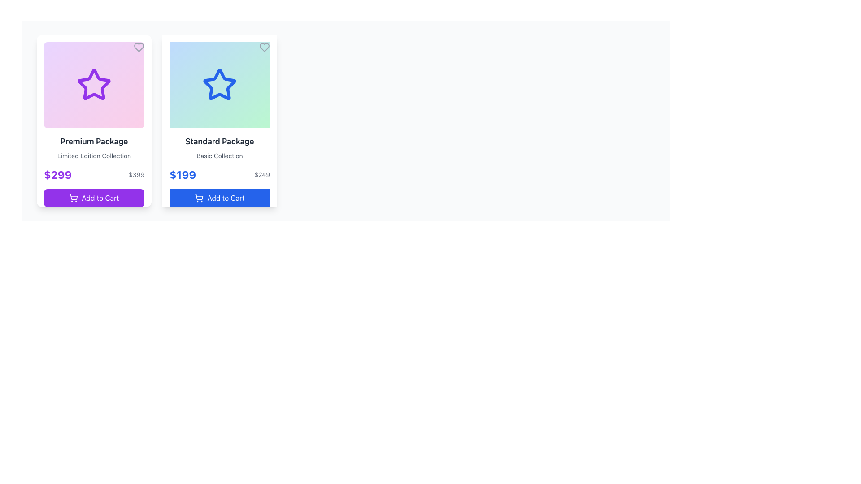 The image size is (861, 484). Describe the element at coordinates (264, 47) in the screenshot. I see `the heart-shaped icon located at the top-right of the 'Standard Package' card` at that location.